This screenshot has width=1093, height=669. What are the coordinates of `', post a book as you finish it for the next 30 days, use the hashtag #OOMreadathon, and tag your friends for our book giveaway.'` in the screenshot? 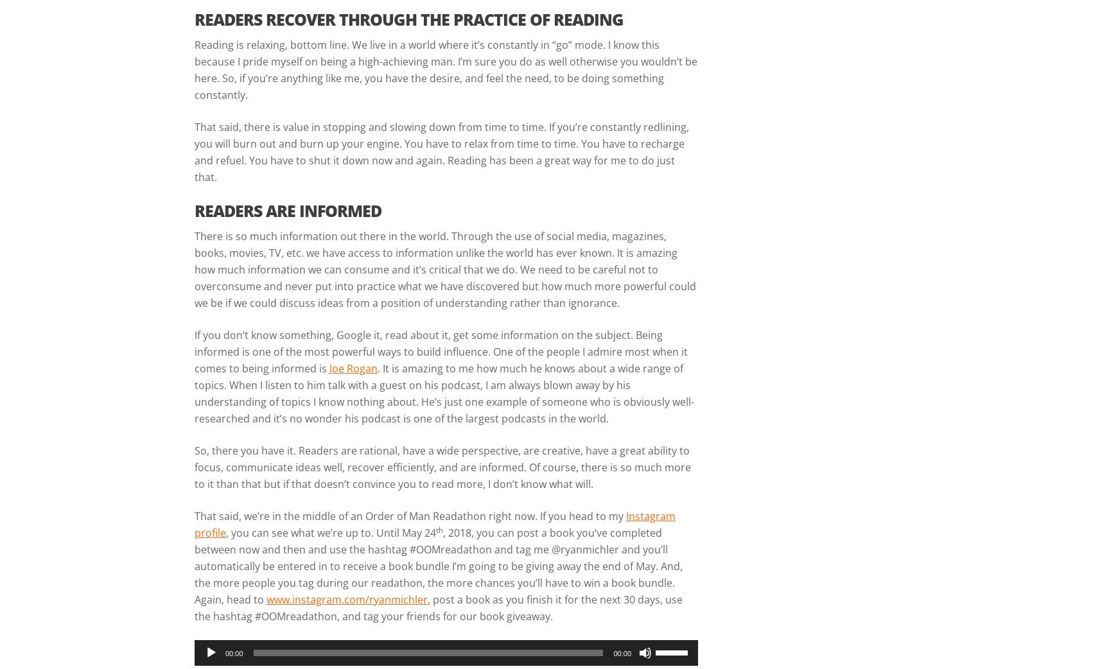 It's located at (439, 607).